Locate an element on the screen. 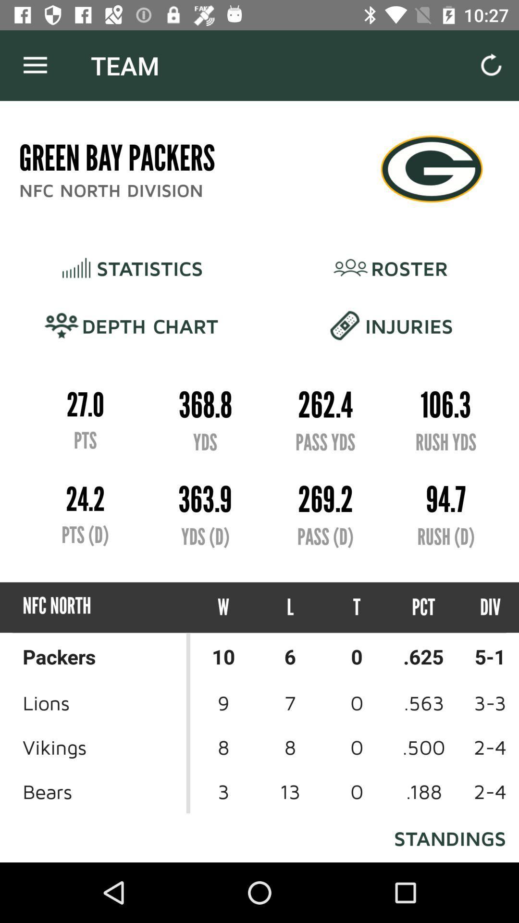  the icon to the right of the l icon is located at coordinates (357, 607).